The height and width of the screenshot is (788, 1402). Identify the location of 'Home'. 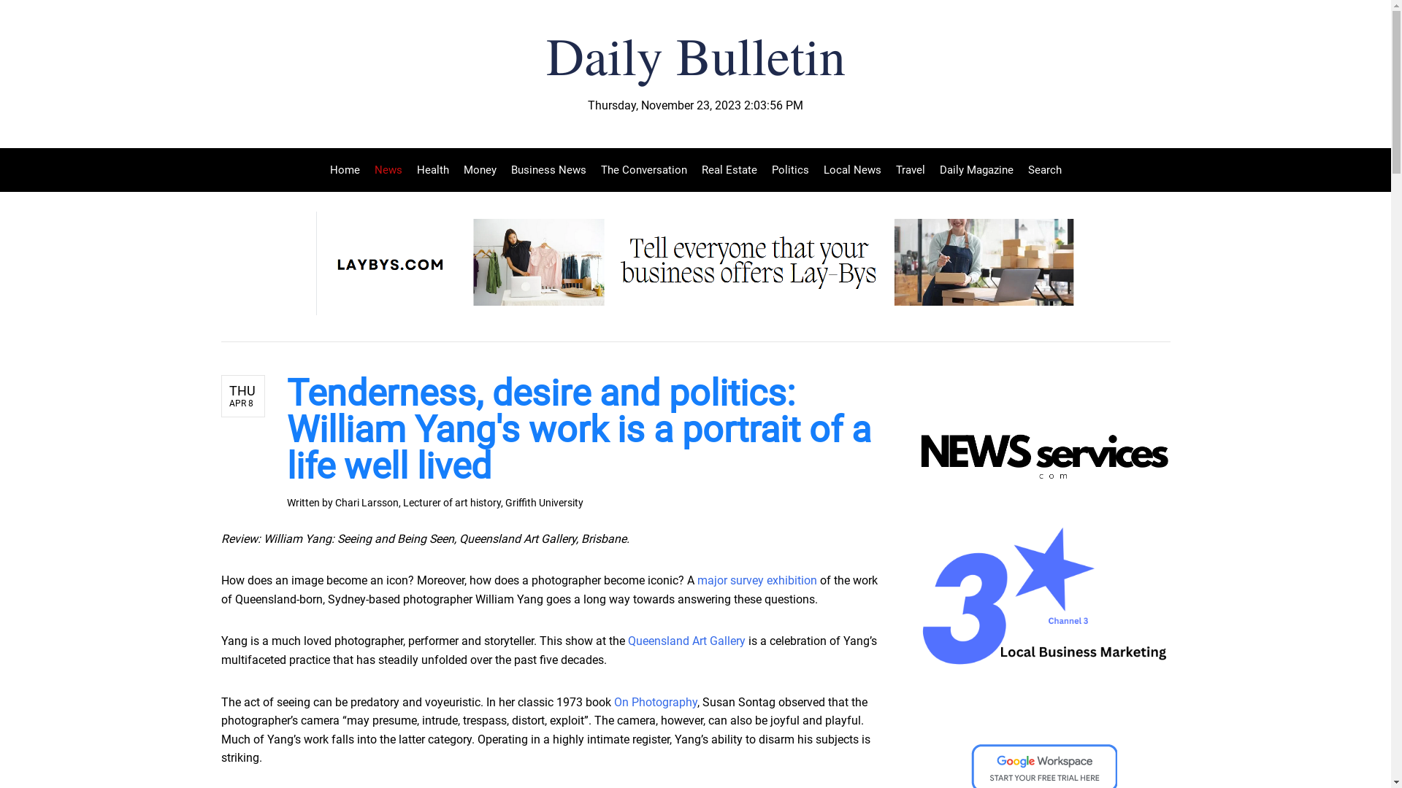
(348, 169).